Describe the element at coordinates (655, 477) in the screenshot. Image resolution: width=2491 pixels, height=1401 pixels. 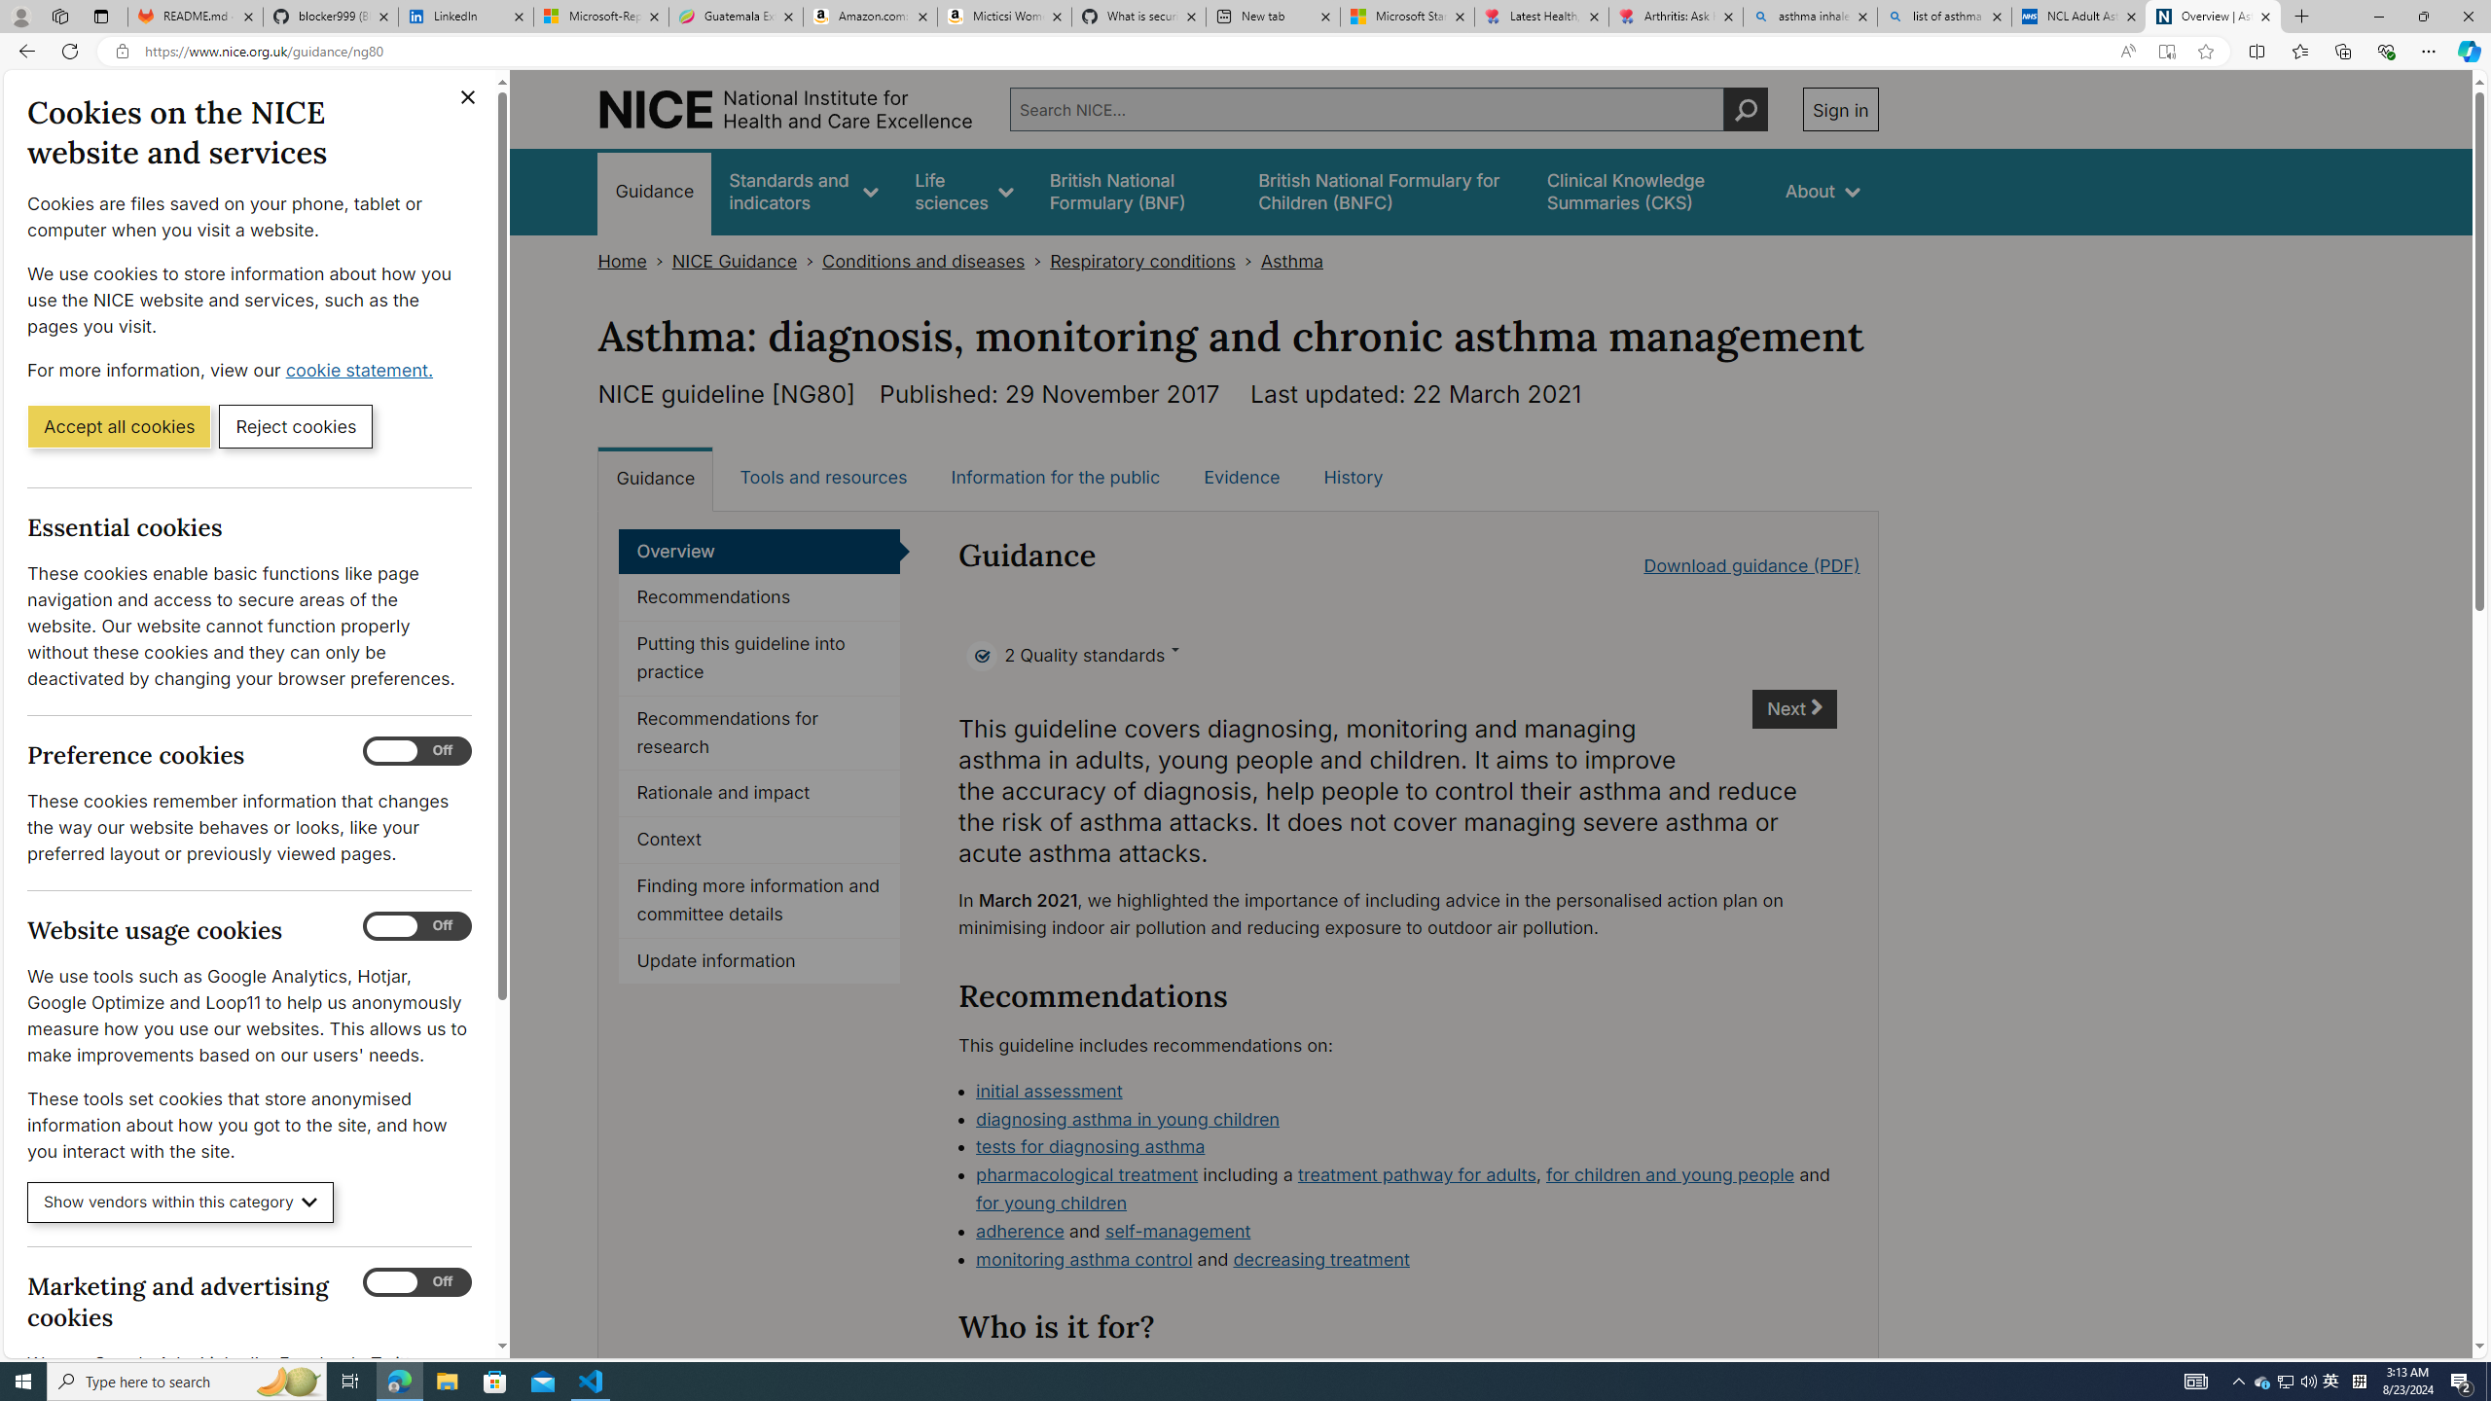
I see `'Guidance'` at that location.